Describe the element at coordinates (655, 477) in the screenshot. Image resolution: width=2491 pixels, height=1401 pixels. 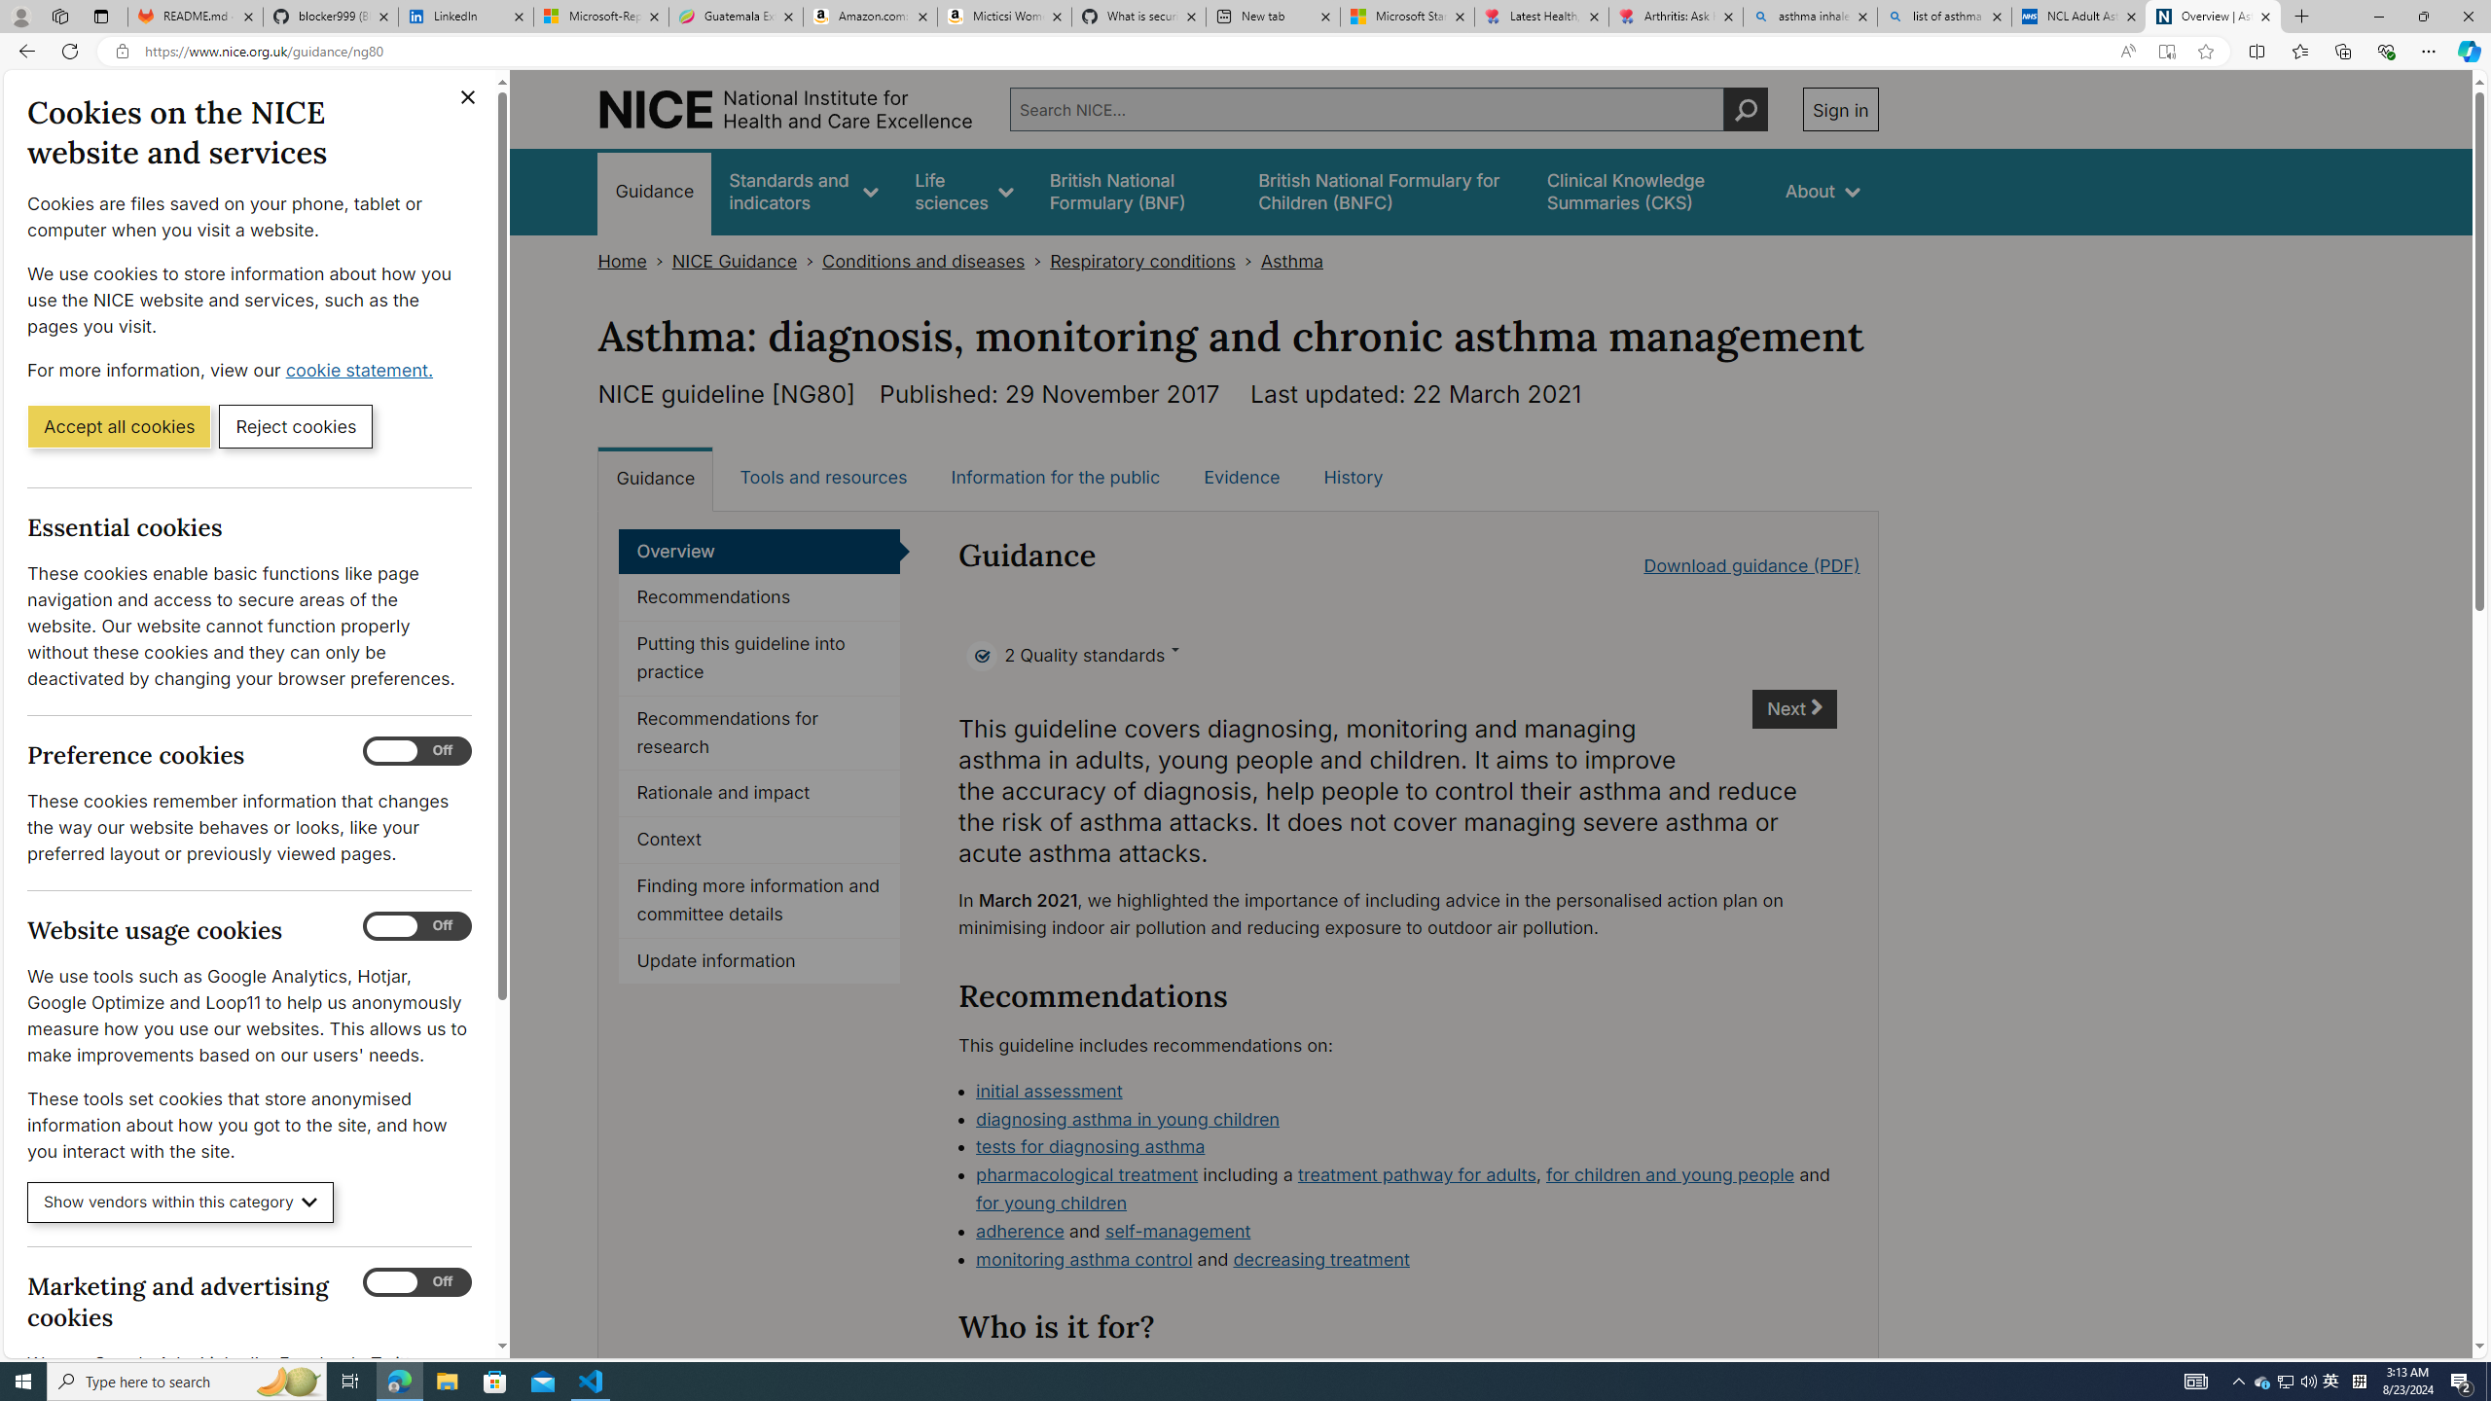
I see `'Guidance'` at that location.